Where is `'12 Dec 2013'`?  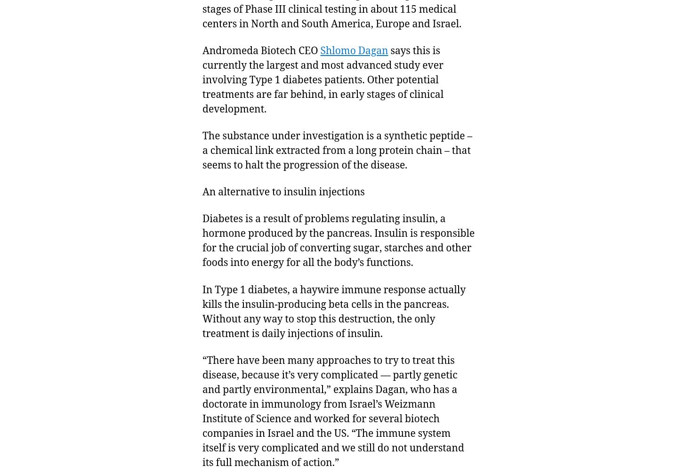
'12 Dec 2013' is located at coordinates (406, 180).